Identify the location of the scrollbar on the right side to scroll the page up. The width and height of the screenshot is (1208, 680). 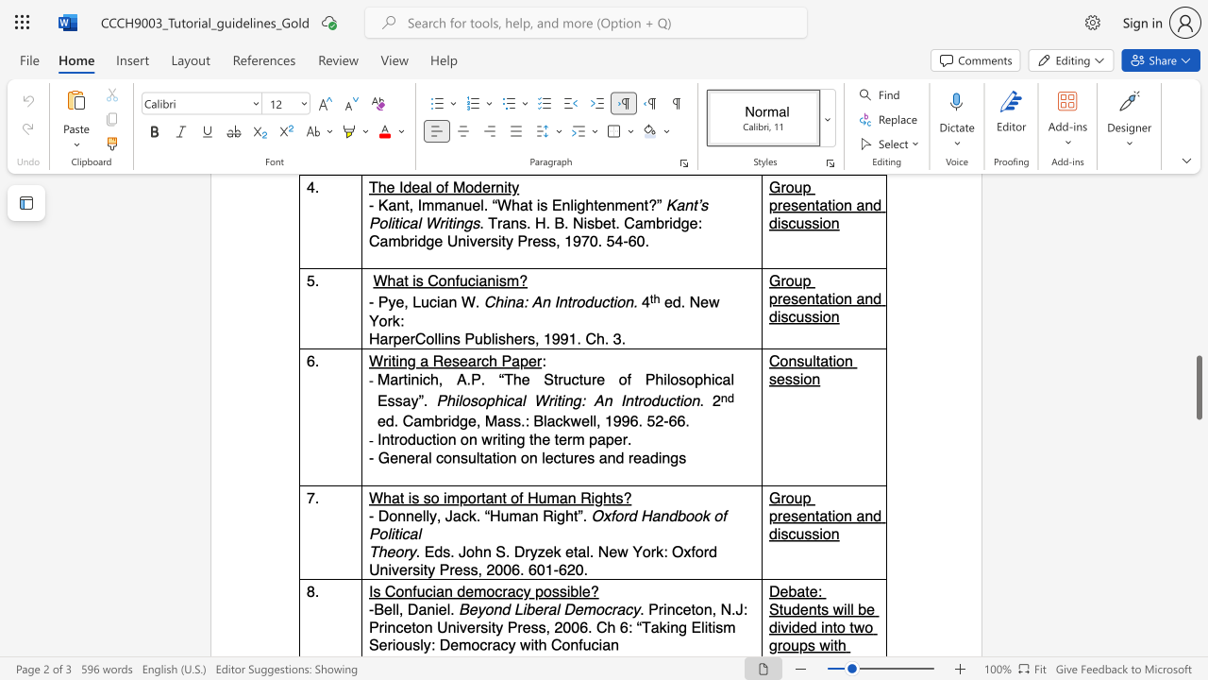
(1198, 225).